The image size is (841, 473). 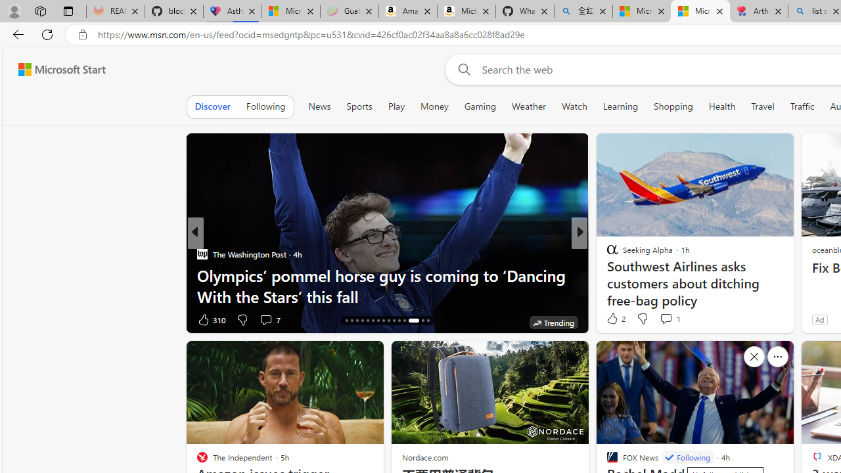 What do you see at coordinates (403, 321) in the screenshot?
I see `'AutomationID: tab-27'` at bounding box center [403, 321].